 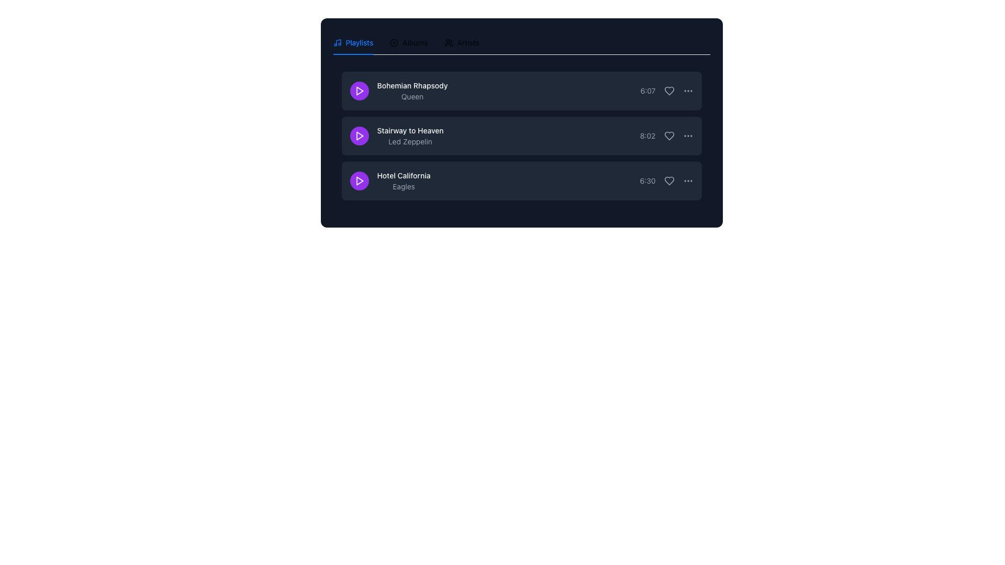 I want to click on the song list item displaying 'Bohemian Rhapsody' by 'Queen', so click(x=398, y=90).